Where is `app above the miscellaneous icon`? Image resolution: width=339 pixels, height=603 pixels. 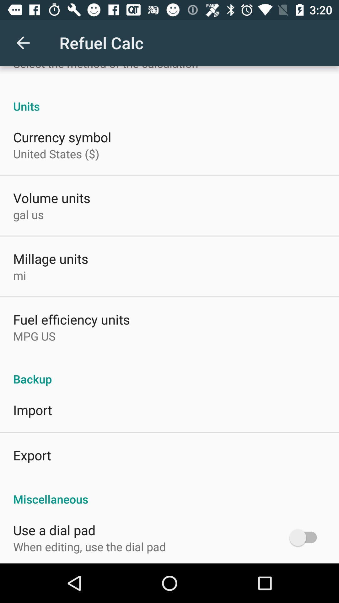
app above the miscellaneous icon is located at coordinates (32, 455).